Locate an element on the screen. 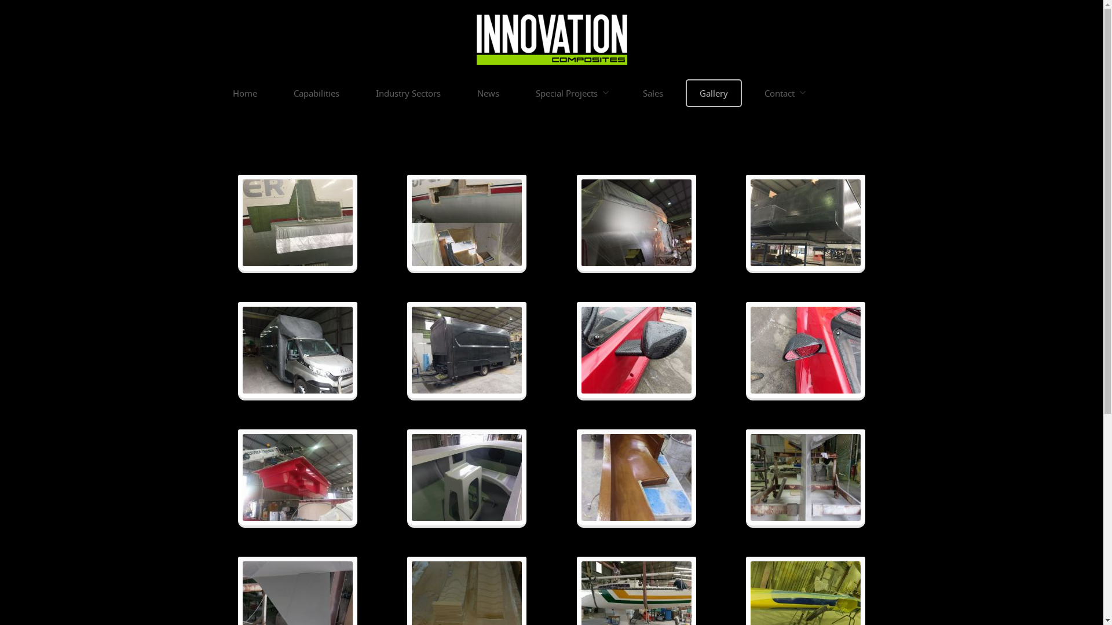 The image size is (1112, 625). 'Capabilities' is located at coordinates (280, 93).